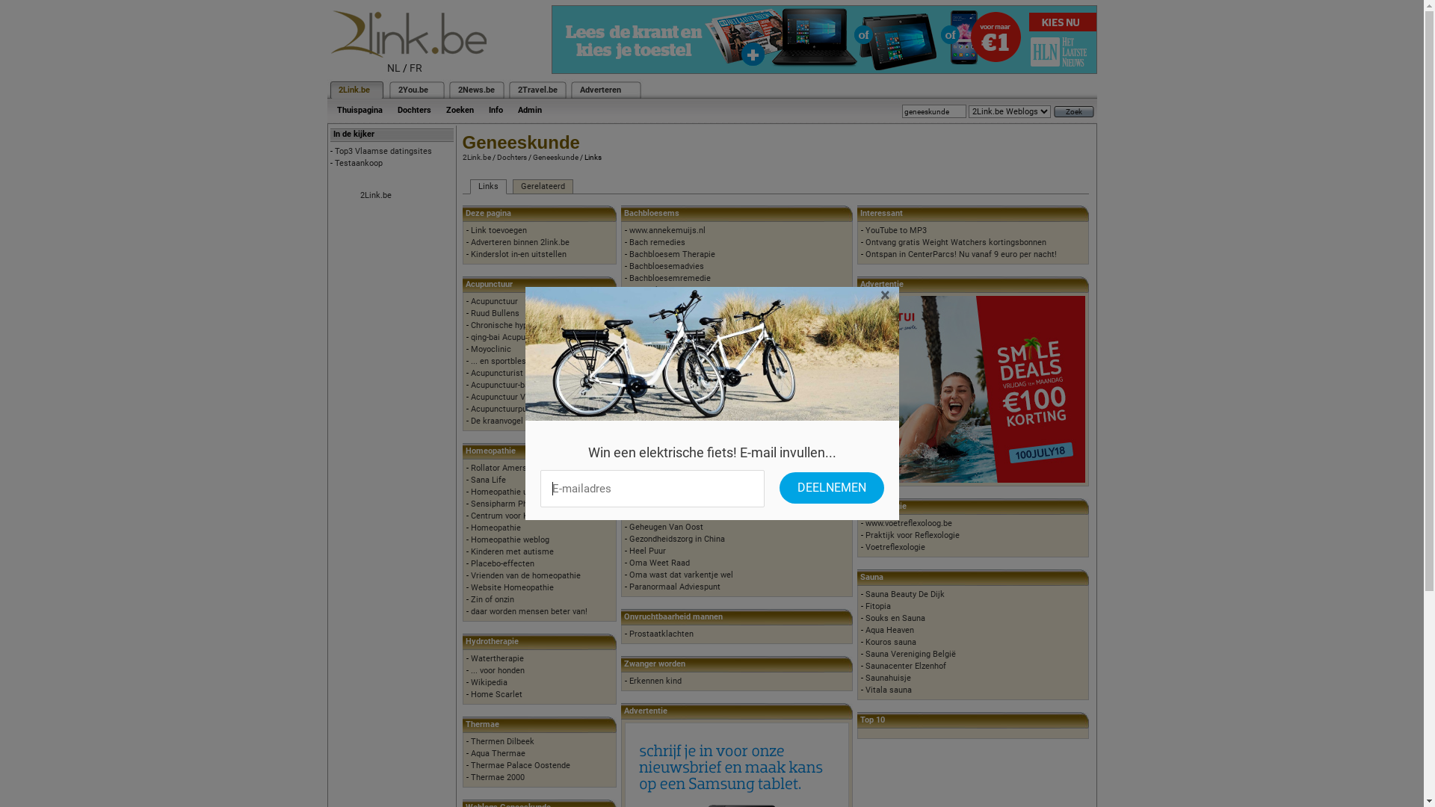  I want to click on 'Ruud Bullens', so click(495, 312).